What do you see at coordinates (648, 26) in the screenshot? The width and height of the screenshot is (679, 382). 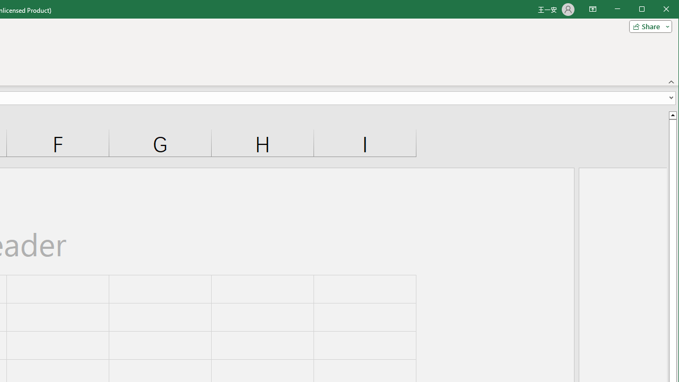 I see `'Share'` at bounding box center [648, 26].